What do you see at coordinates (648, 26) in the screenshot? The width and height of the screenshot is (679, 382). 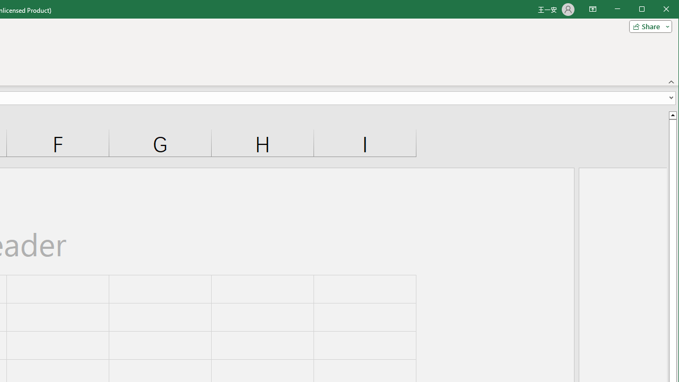 I see `'Share'` at bounding box center [648, 26].